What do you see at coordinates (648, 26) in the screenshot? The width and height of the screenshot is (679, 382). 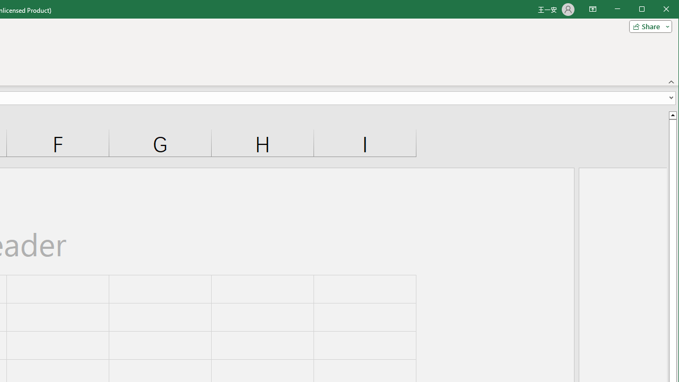 I see `'Share'` at bounding box center [648, 26].